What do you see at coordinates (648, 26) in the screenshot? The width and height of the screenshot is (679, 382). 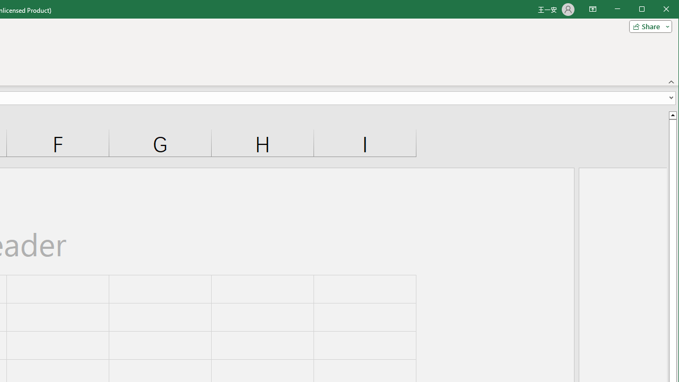 I see `'Share'` at bounding box center [648, 26].